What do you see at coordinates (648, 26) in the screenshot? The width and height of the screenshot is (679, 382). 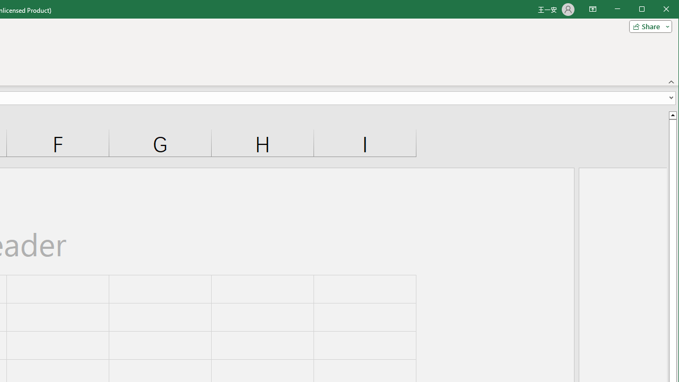 I see `'Share'` at bounding box center [648, 26].